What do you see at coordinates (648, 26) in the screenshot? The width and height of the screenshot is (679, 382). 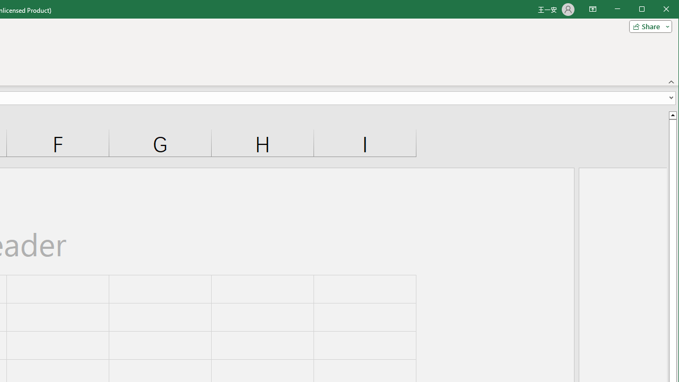 I see `'Share'` at bounding box center [648, 26].